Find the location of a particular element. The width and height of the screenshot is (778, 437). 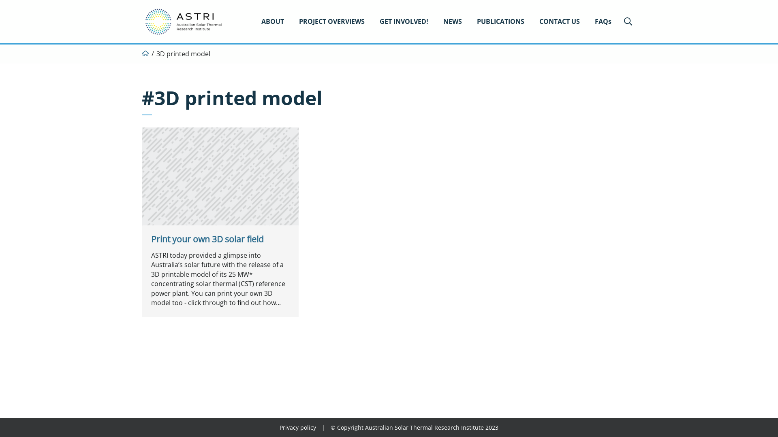

'FAQs' is located at coordinates (603, 21).